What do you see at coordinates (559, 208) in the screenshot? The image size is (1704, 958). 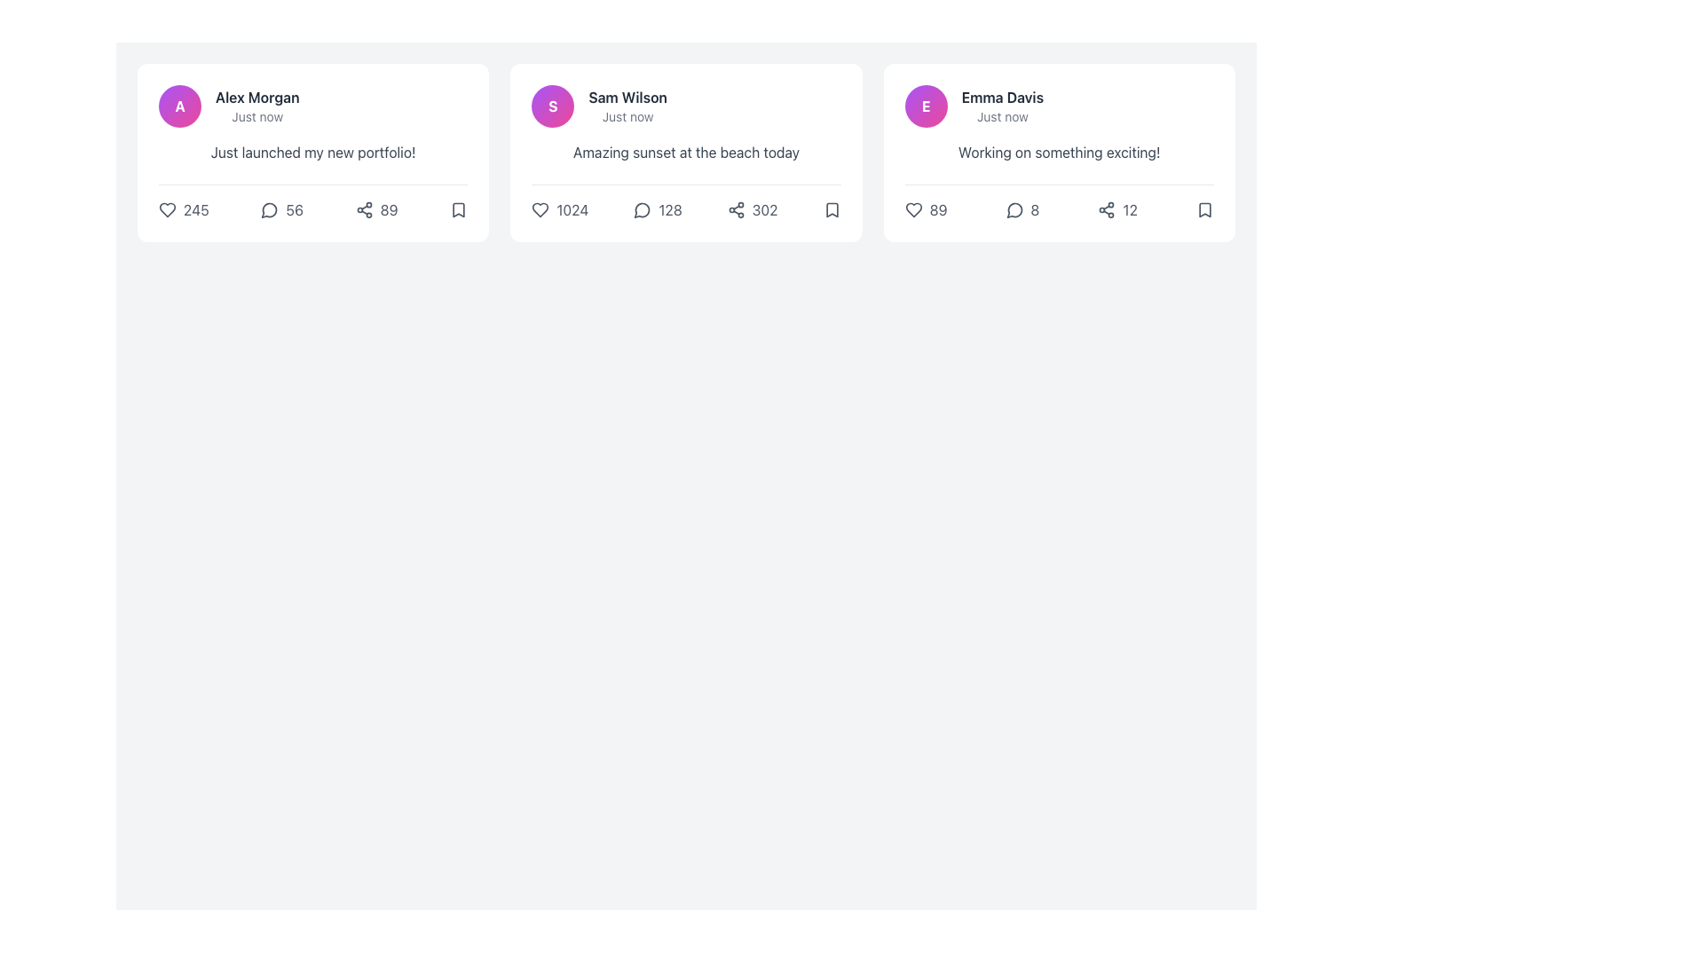 I see `the interactive 'like' icon for the post by Sam Wilson to change its color` at bounding box center [559, 208].